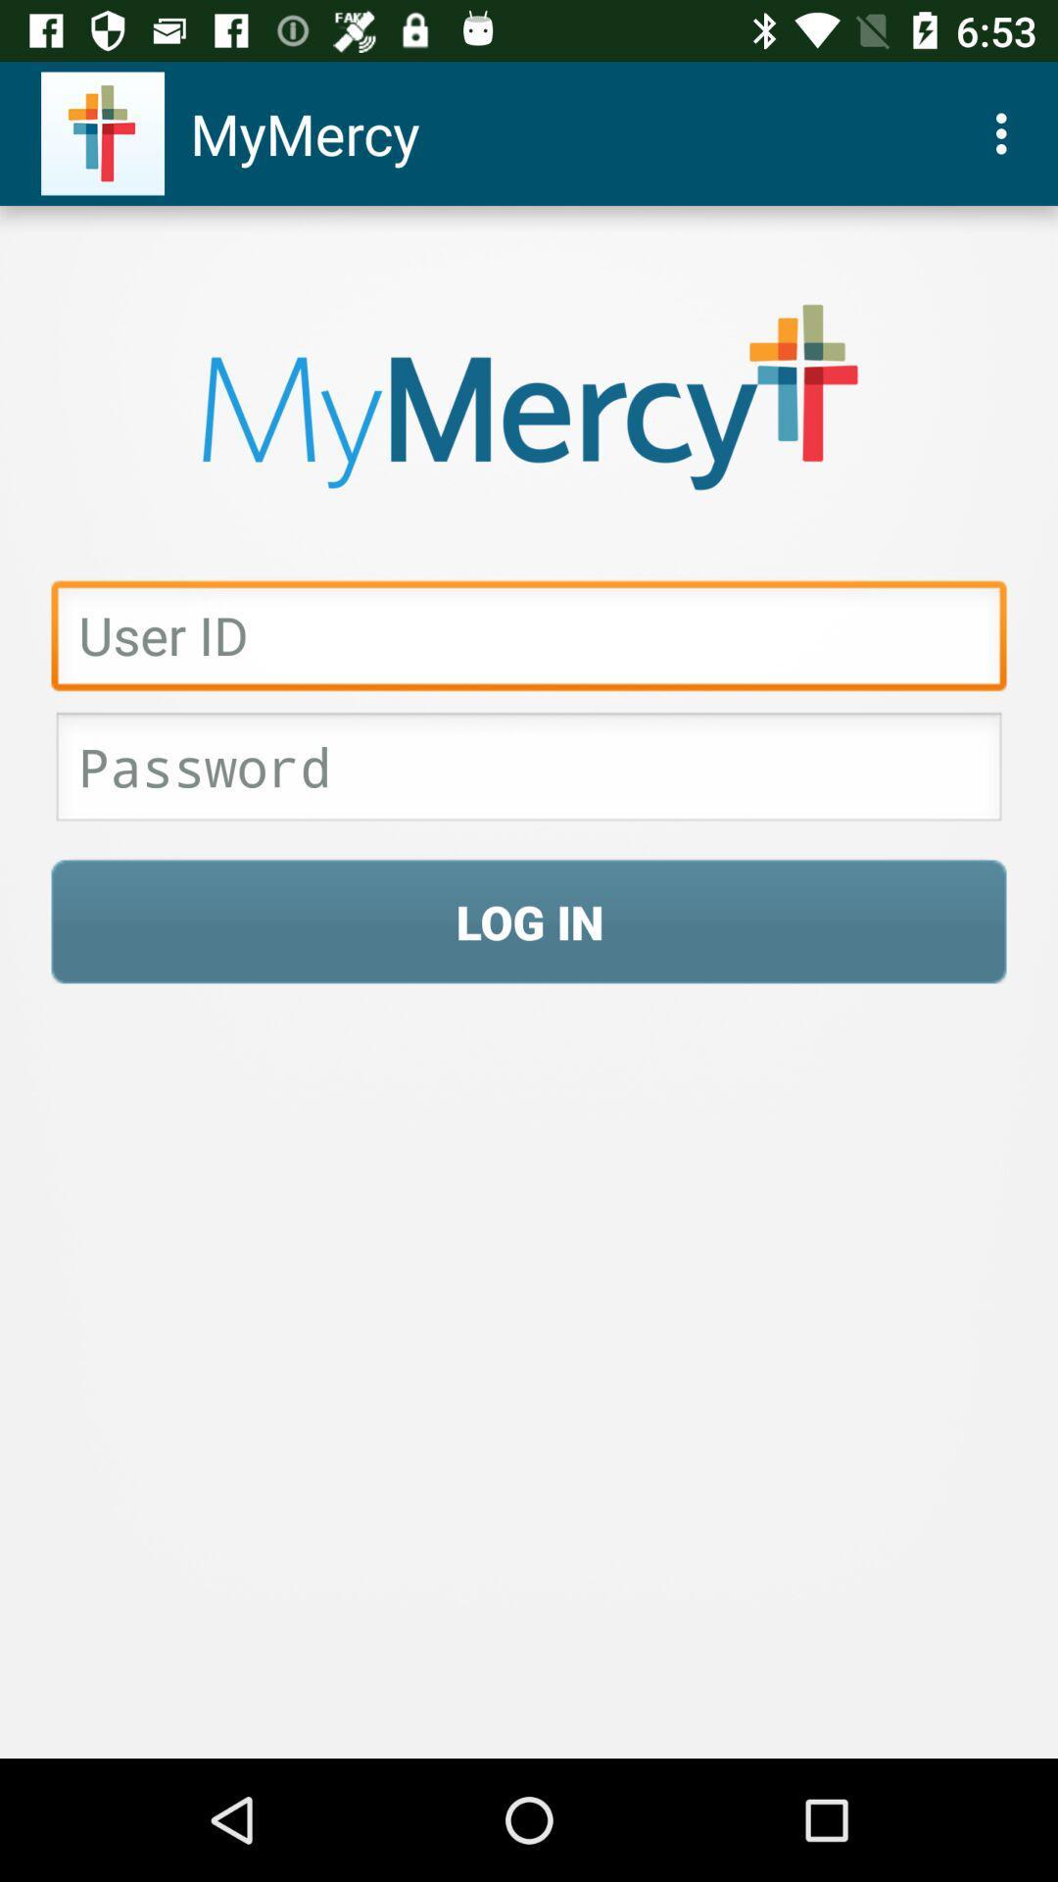 The height and width of the screenshot is (1882, 1058). Describe the element at coordinates (529, 920) in the screenshot. I see `the log in icon` at that location.